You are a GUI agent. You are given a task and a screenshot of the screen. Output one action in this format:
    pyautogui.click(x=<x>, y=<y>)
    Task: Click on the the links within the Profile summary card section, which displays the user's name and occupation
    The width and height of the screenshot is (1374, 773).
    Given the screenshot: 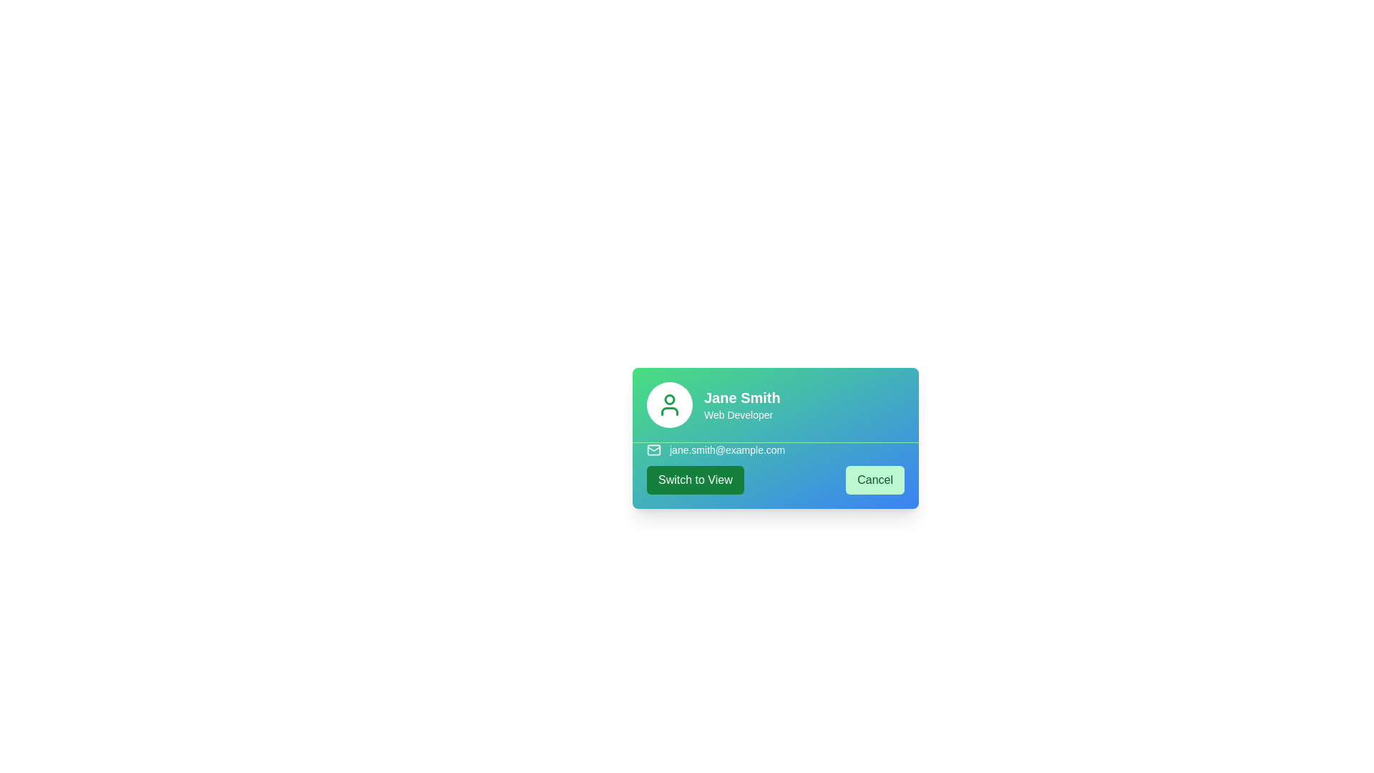 What is the action you would take?
    pyautogui.click(x=775, y=405)
    